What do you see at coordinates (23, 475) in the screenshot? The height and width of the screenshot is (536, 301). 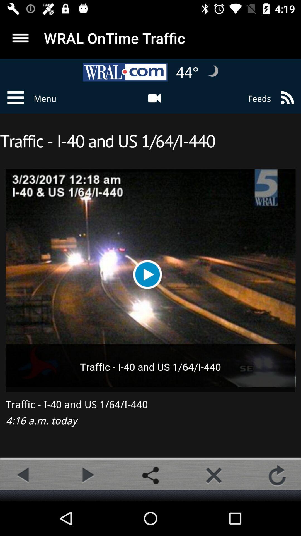 I see `previous camera` at bounding box center [23, 475].